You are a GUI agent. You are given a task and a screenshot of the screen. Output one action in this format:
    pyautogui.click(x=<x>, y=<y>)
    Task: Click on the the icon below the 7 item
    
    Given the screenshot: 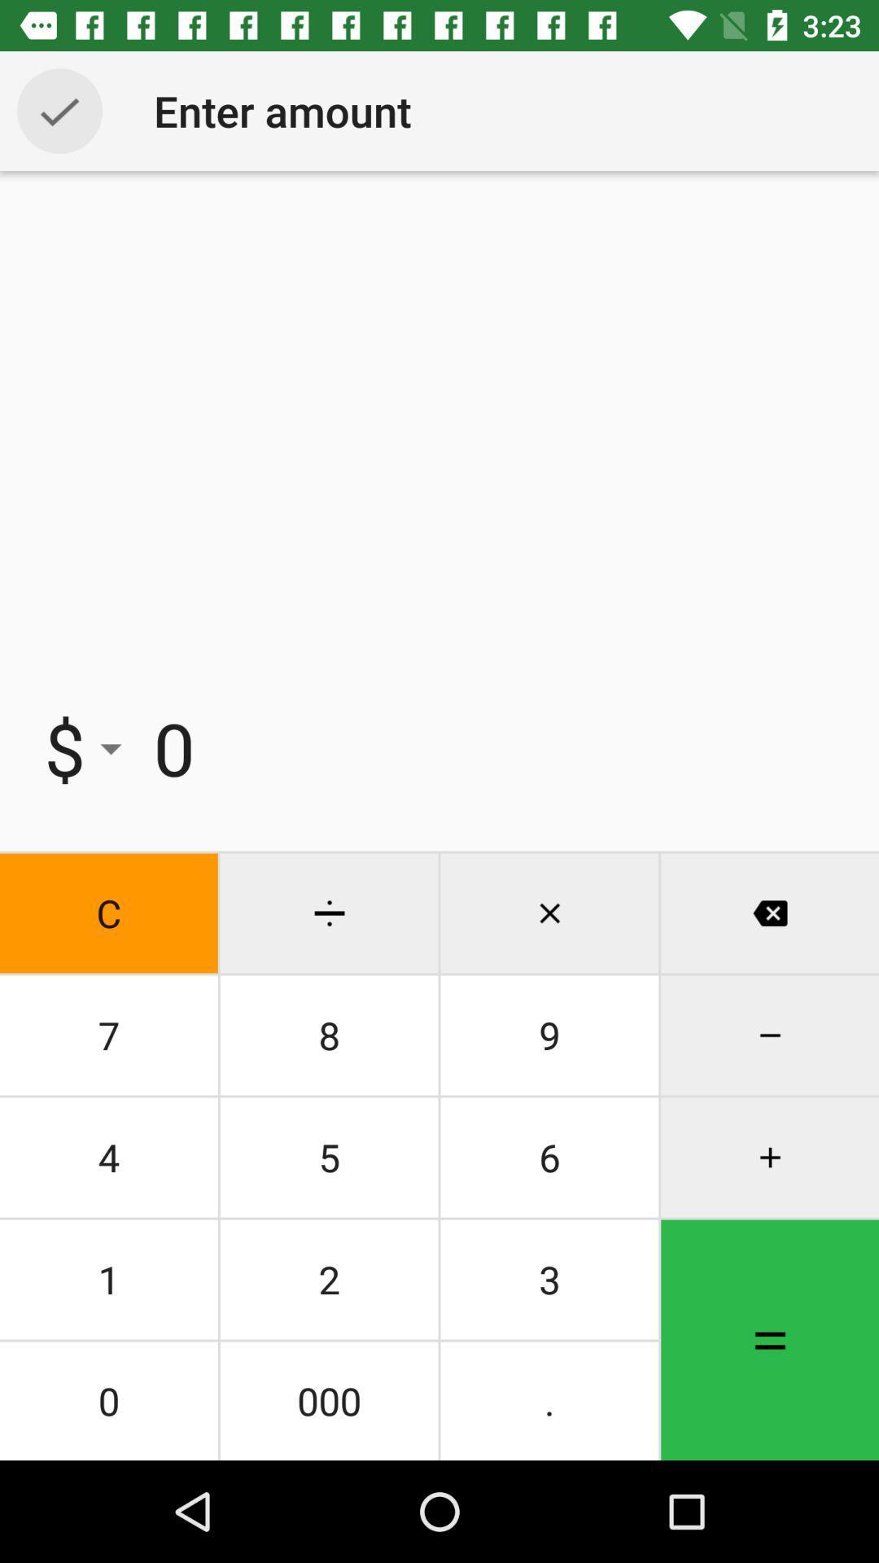 What is the action you would take?
    pyautogui.click(x=329, y=1156)
    